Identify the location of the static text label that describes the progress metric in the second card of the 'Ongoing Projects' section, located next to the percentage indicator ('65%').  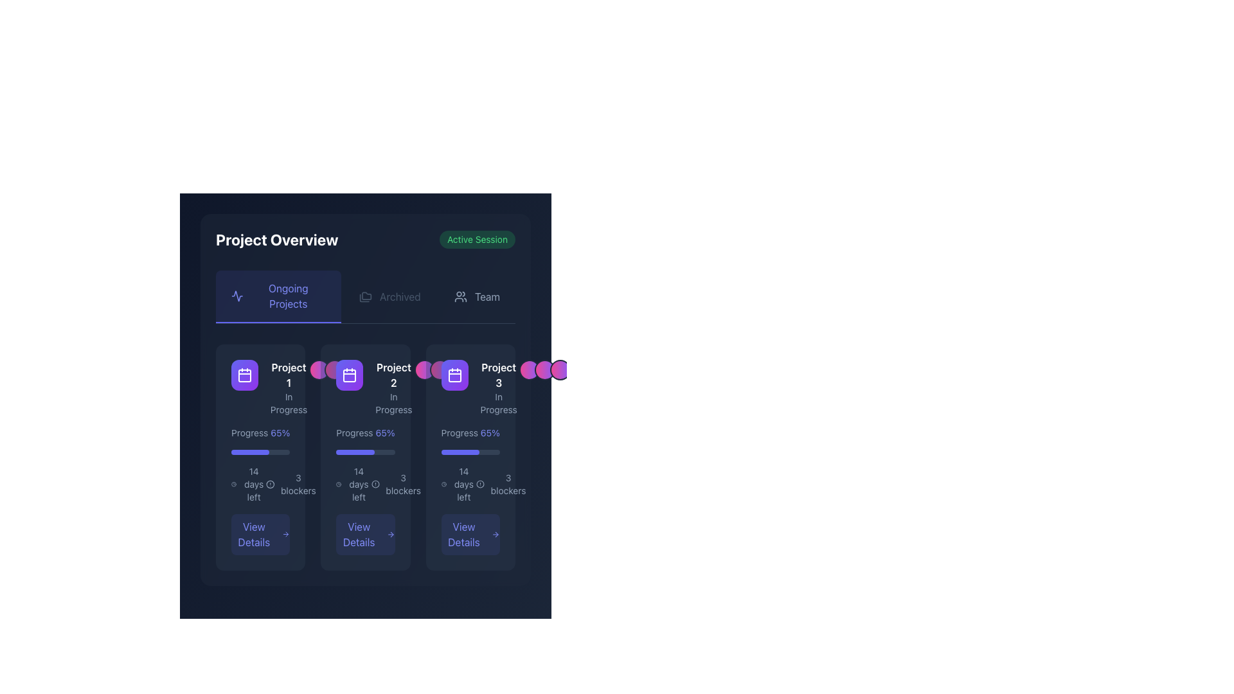
(355, 433).